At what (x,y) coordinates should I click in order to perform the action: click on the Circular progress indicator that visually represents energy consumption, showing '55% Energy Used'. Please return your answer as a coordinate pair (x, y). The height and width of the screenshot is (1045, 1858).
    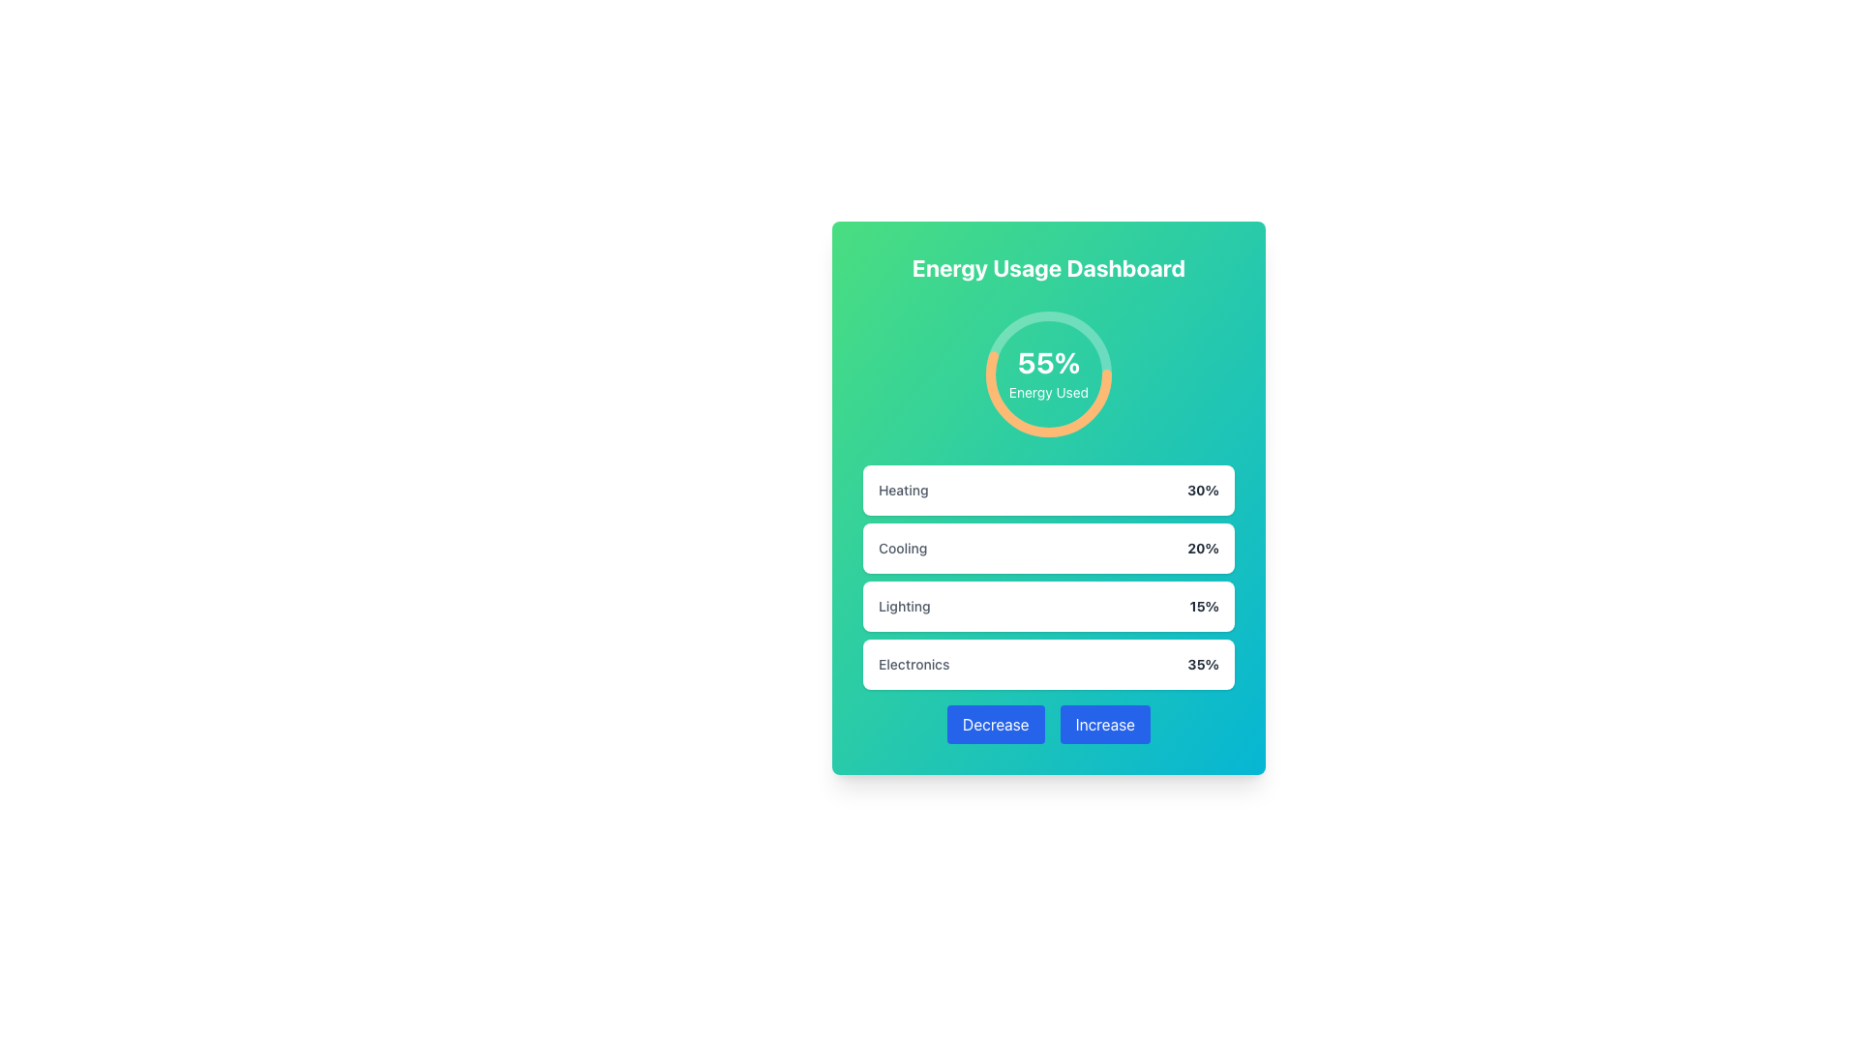
    Looking at the image, I should click on (1048, 373).